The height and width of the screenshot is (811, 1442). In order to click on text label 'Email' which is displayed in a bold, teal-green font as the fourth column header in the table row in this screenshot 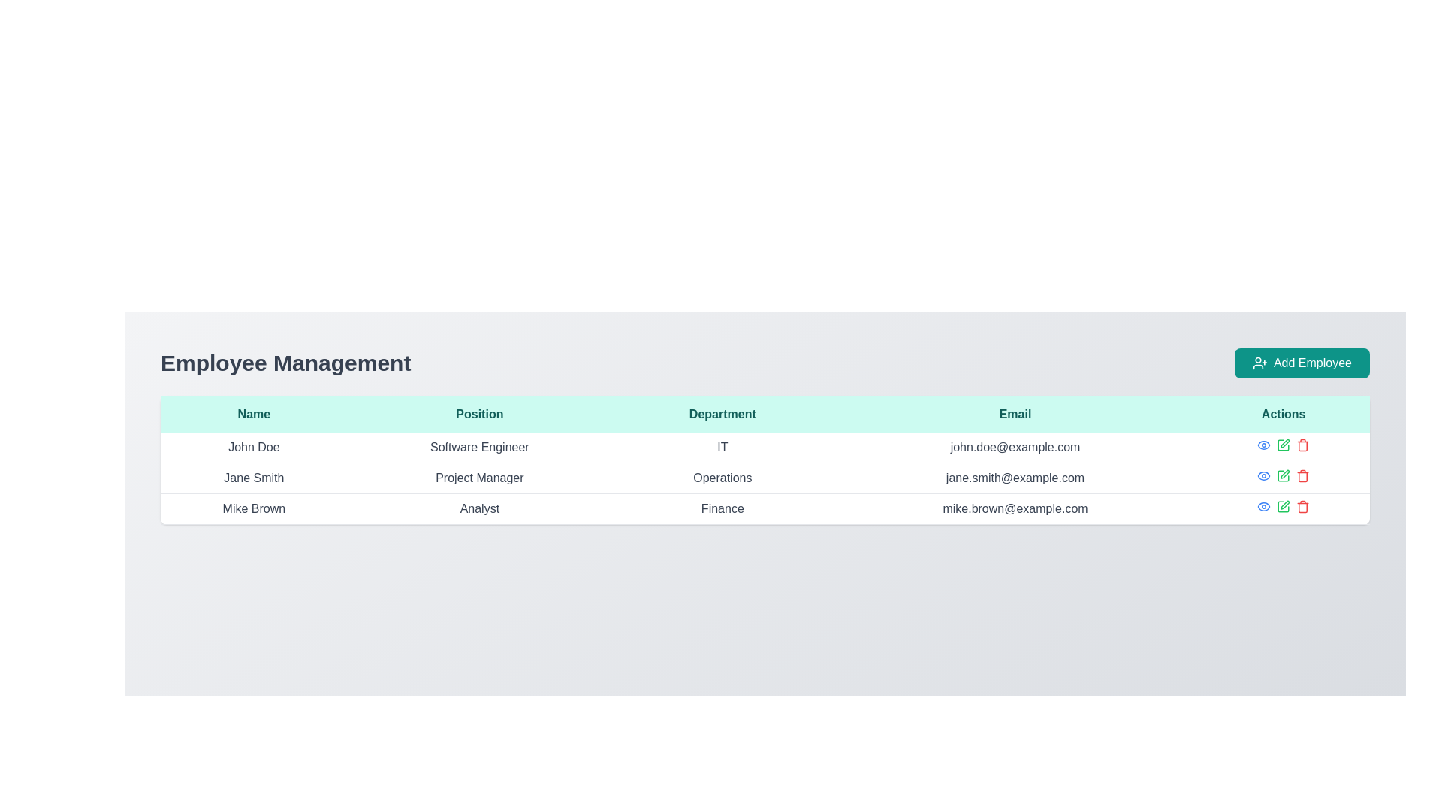, I will do `click(1015, 414)`.